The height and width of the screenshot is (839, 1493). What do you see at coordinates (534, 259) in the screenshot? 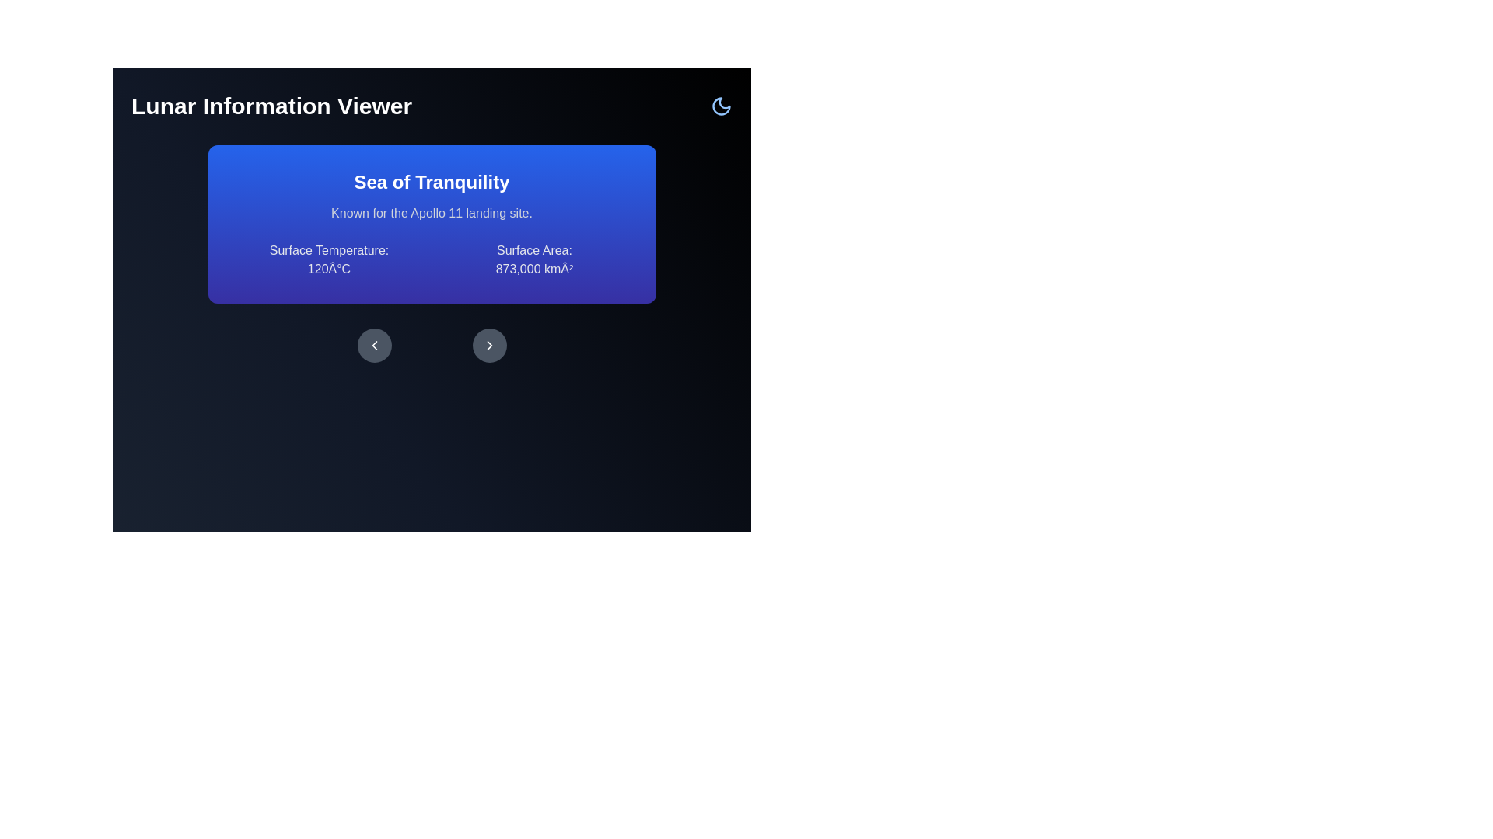
I see `static text display that shows the surface area, specifically the entry '873,000 km²', located in the right column of a two-column grid layout` at bounding box center [534, 259].